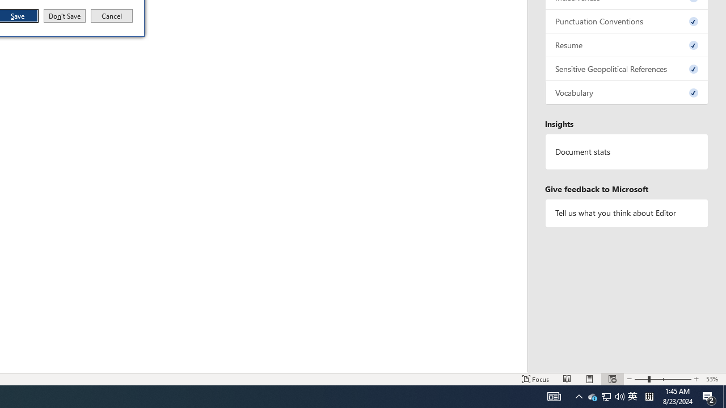 The height and width of the screenshot is (408, 726). Describe the element at coordinates (649, 396) in the screenshot. I see `'Tray Input Indicator - Chinese (Simplified, China)'` at that location.